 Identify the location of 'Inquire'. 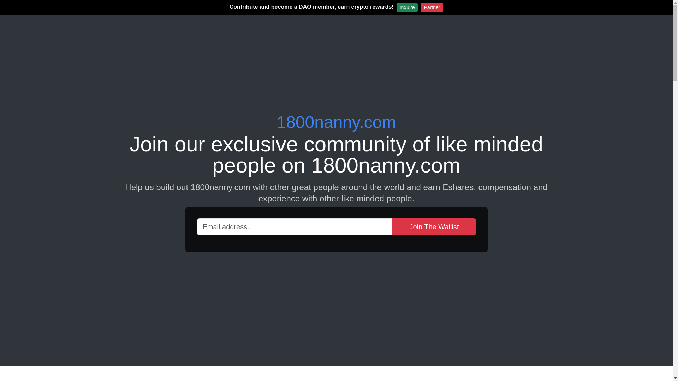
(407, 7).